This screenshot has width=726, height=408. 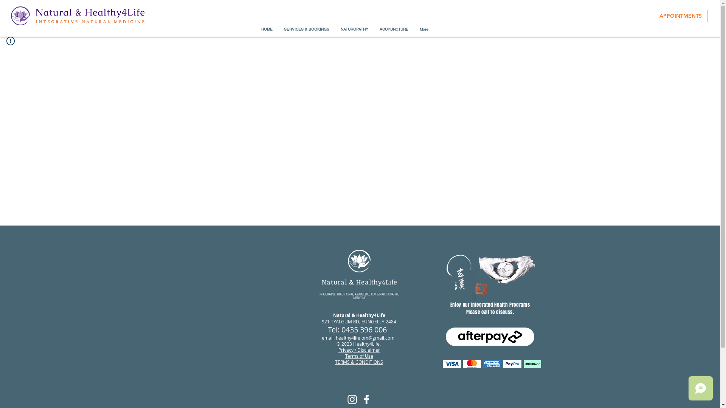 What do you see at coordinates (365, 337) in the screenshot?
I see `'healthy4life.om@gmail.com'` at bounding box center [365, 337].